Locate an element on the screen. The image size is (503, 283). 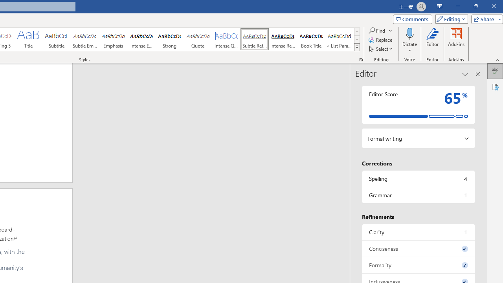
'Subtitle' is located at coordinates (56, 39).